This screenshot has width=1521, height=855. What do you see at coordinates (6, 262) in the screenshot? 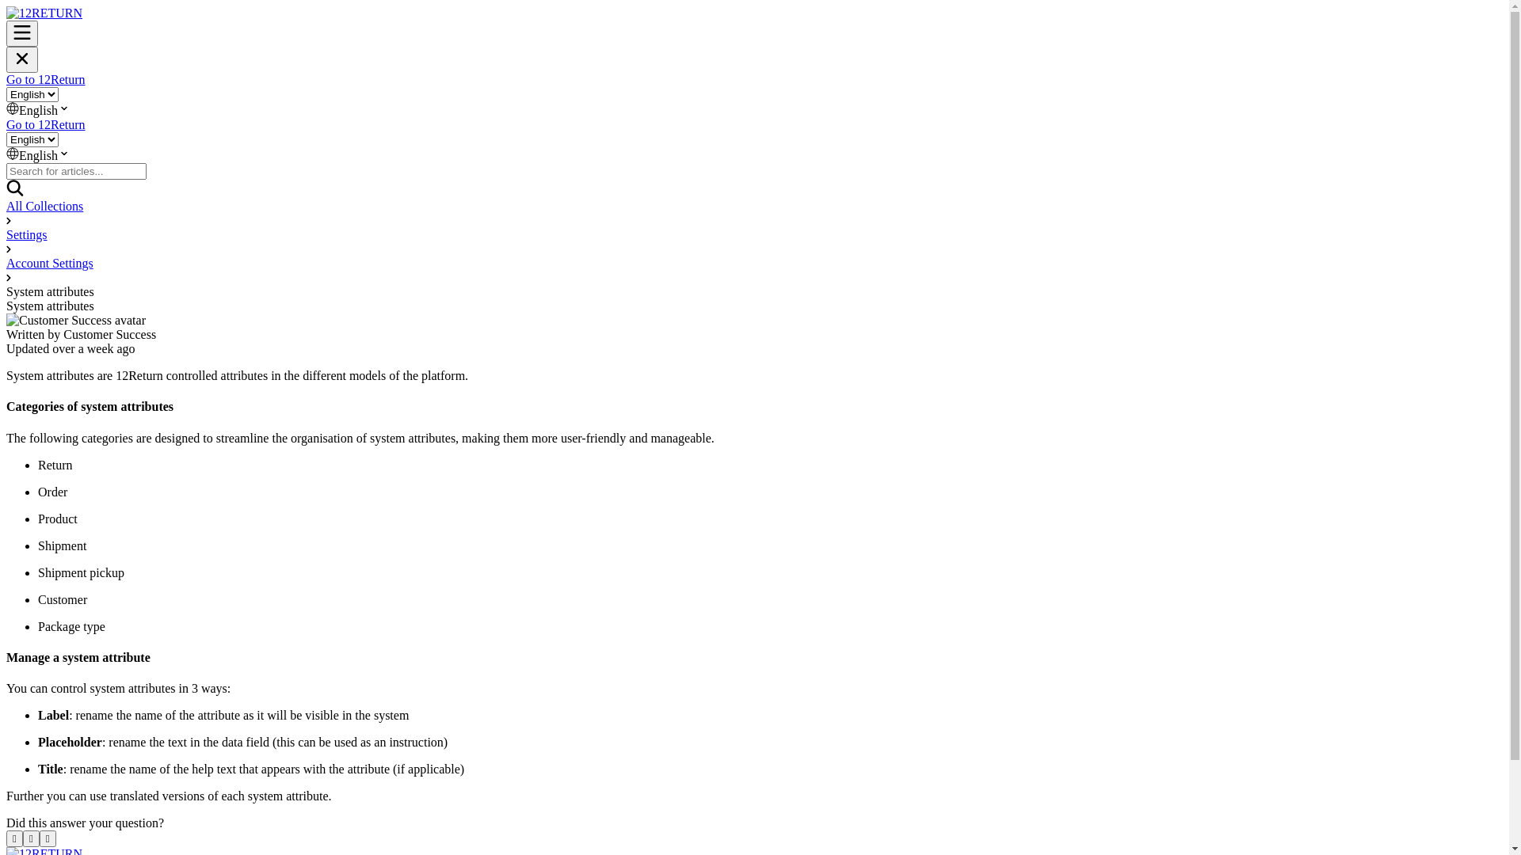
I see `'Account Settings'` at bounding box center [6, 262].